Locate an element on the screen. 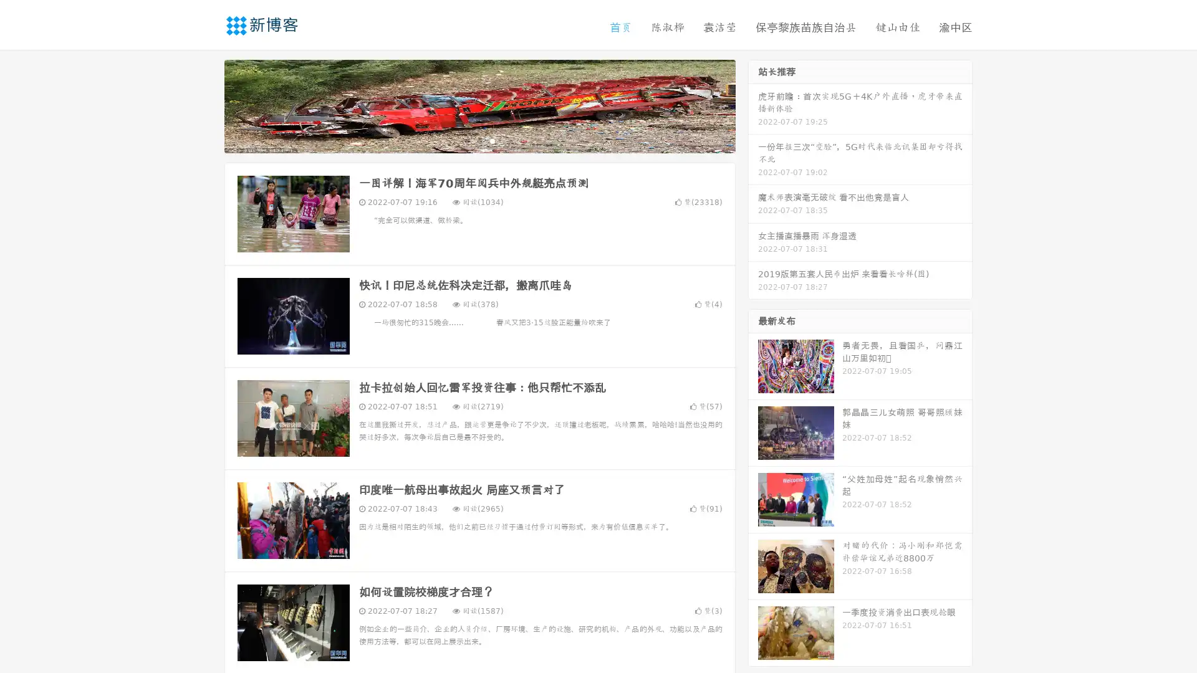 The image size is (1197, 673). Previous slide is located at coordinates (206, 105).